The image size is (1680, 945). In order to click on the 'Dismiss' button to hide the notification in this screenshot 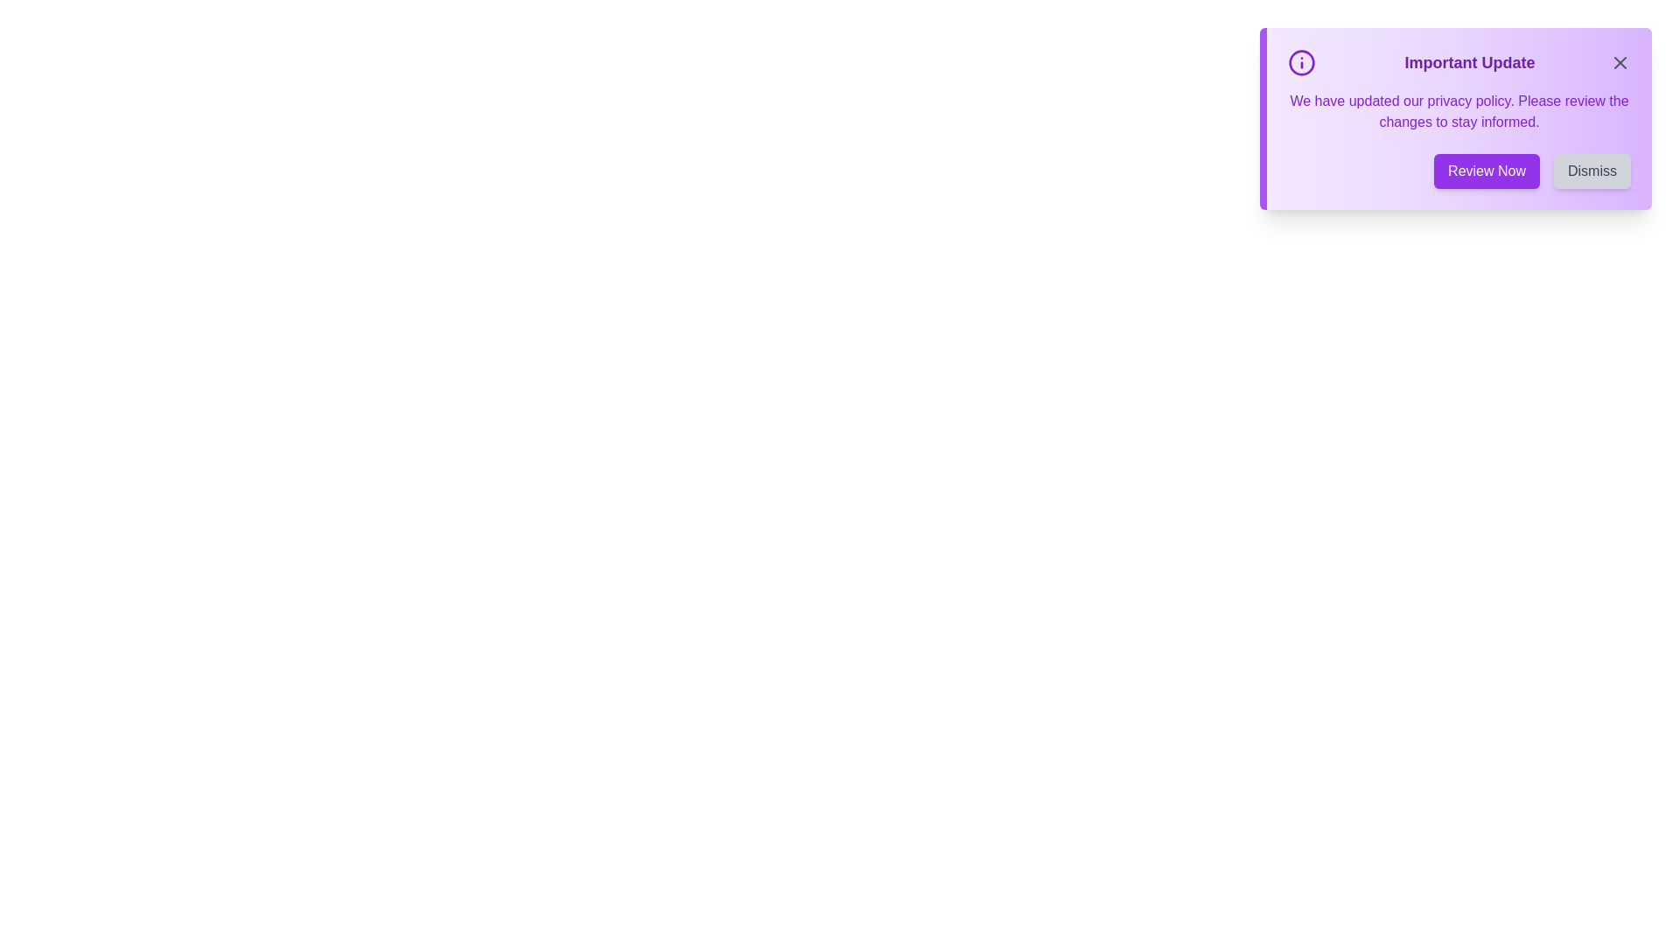, I will do `click(1592, 171)`.